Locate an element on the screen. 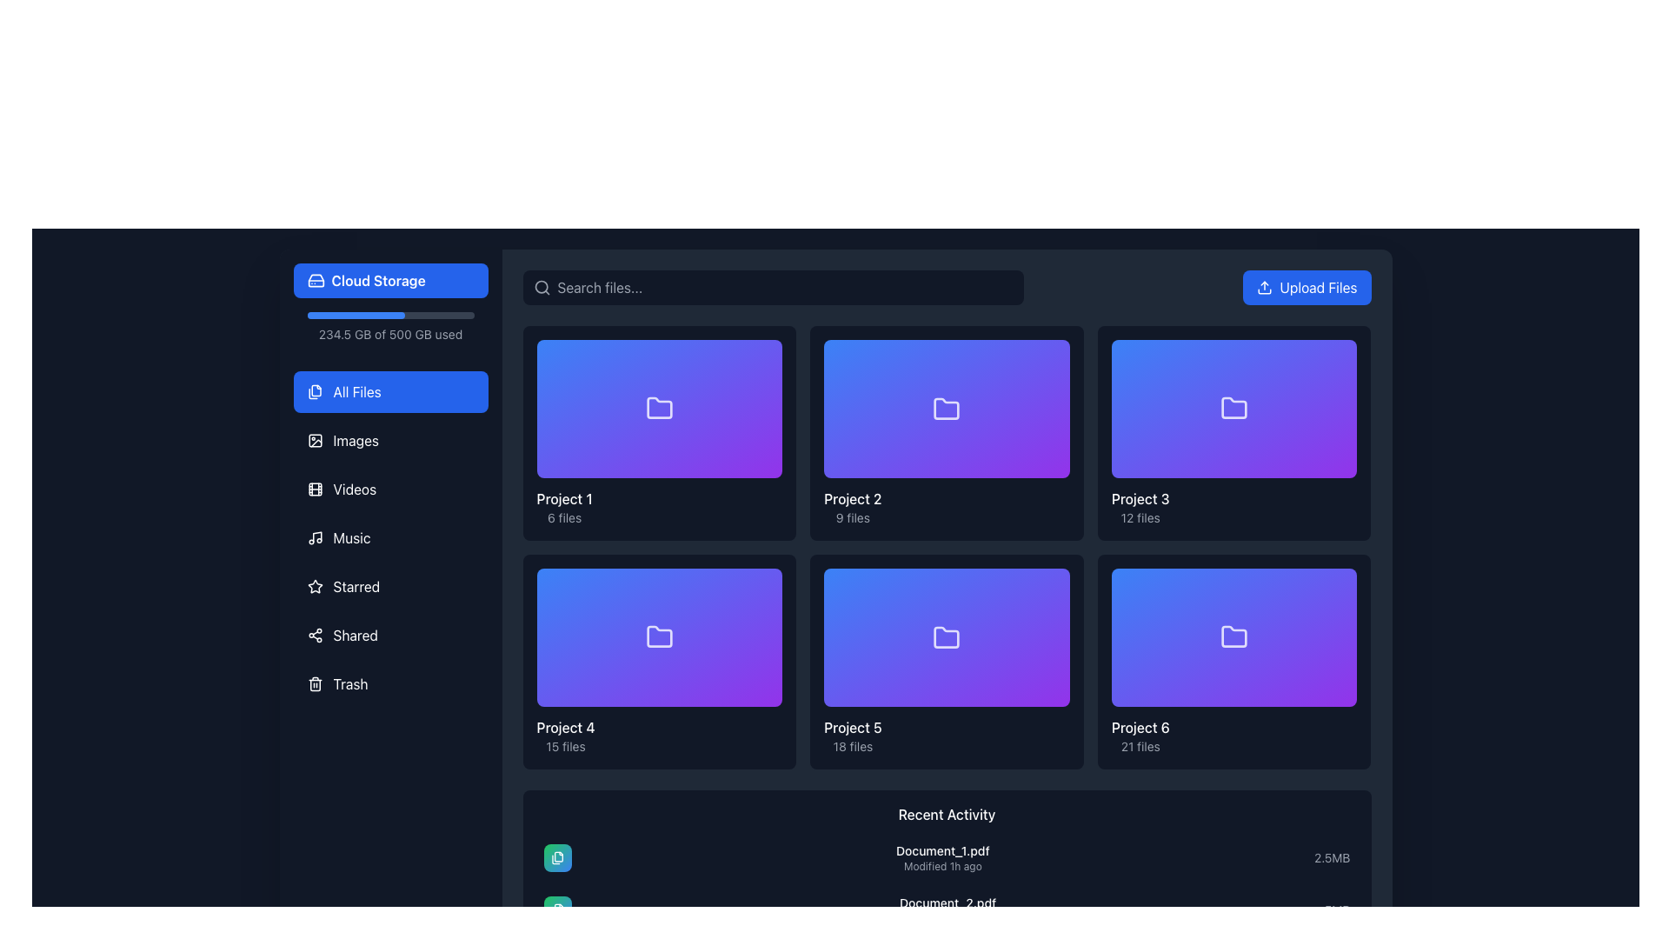  the Menu button located in the top-right corner of the 'Project 4' card is located at coordinates (765, 586).